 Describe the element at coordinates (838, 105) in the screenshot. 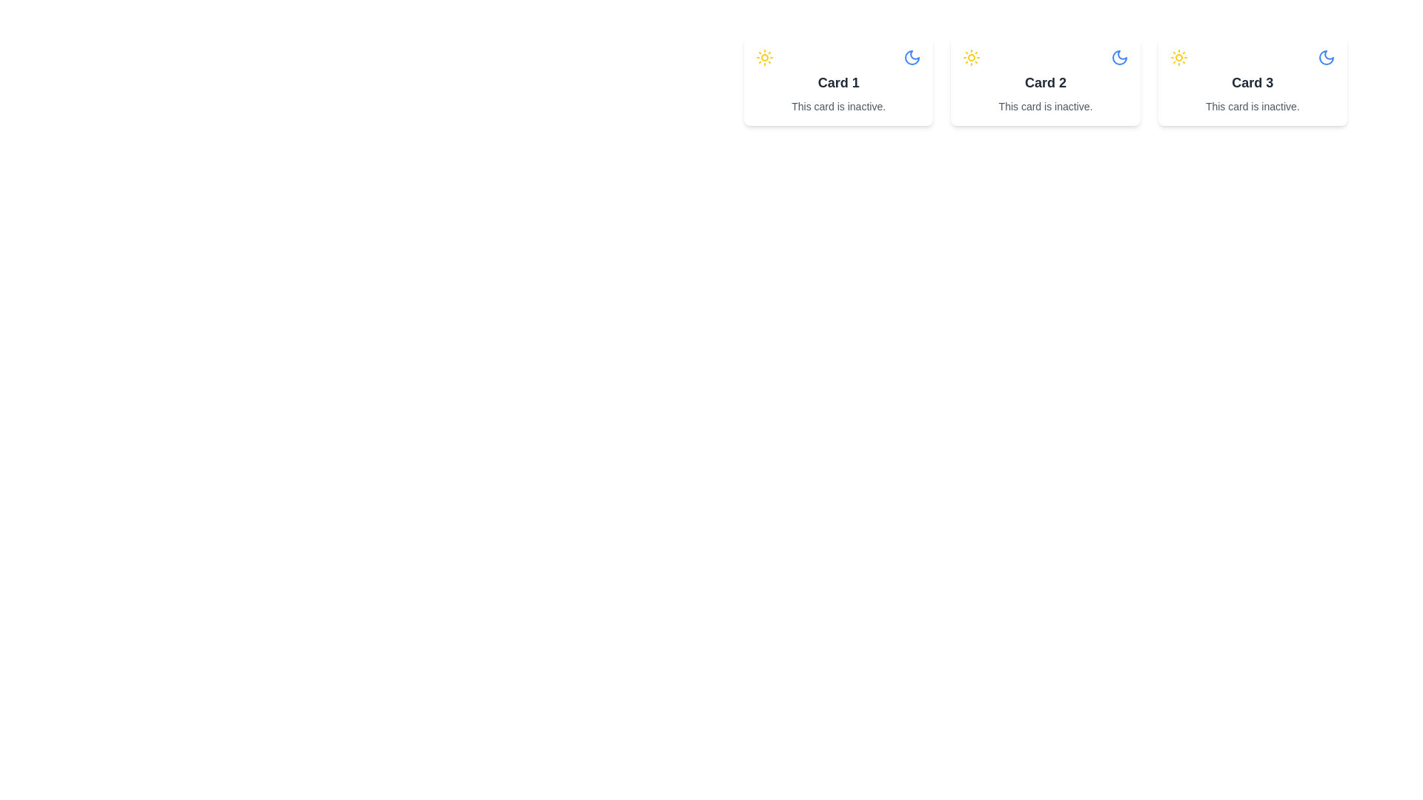

I see `text label indicating the inactive status of the card within 'Card 1', located towards the bottom area of the card` at that location.